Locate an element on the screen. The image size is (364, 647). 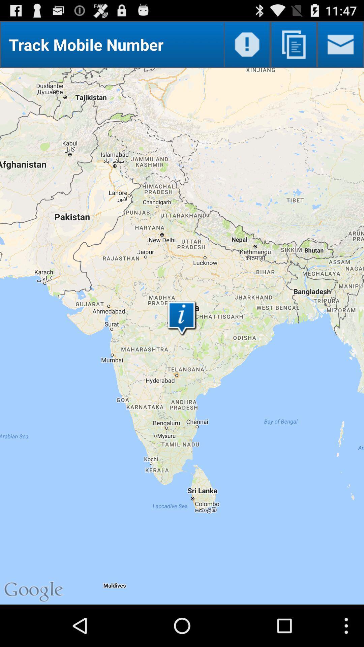
stop is located at coordinates (247, 44).